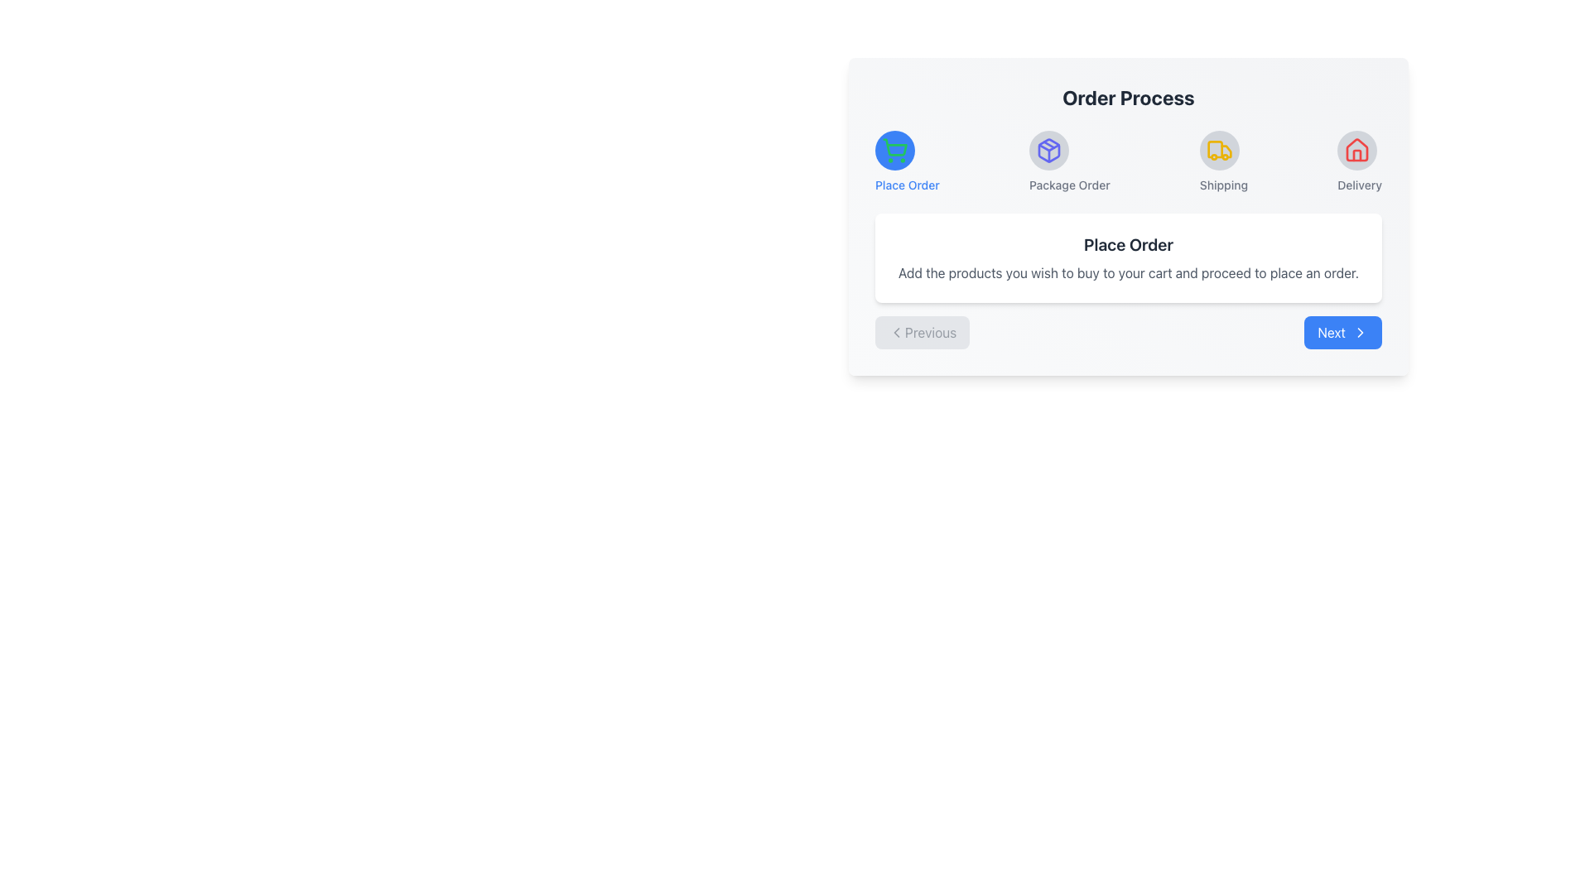  What do you see at coordinates (1048, 147) in the screenshot?
I see `the 'Package Order' SVG icon, which indicates the packaging step in the order process flow` at bounding box center [1048, 147].